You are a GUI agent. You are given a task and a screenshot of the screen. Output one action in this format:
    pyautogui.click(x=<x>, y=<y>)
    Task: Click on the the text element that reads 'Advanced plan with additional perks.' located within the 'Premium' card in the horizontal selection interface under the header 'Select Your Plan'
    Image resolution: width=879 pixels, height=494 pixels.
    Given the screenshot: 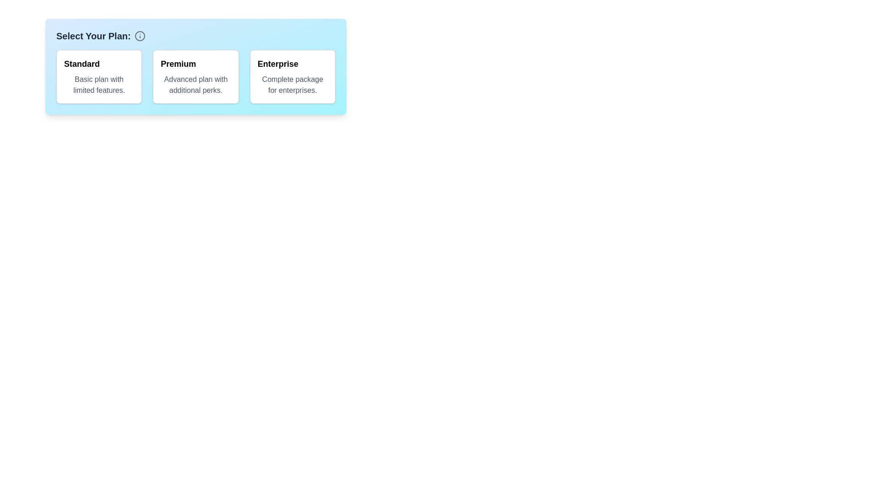 What is the action you would take?
    pyautogui.click(x=195, y=85)
    